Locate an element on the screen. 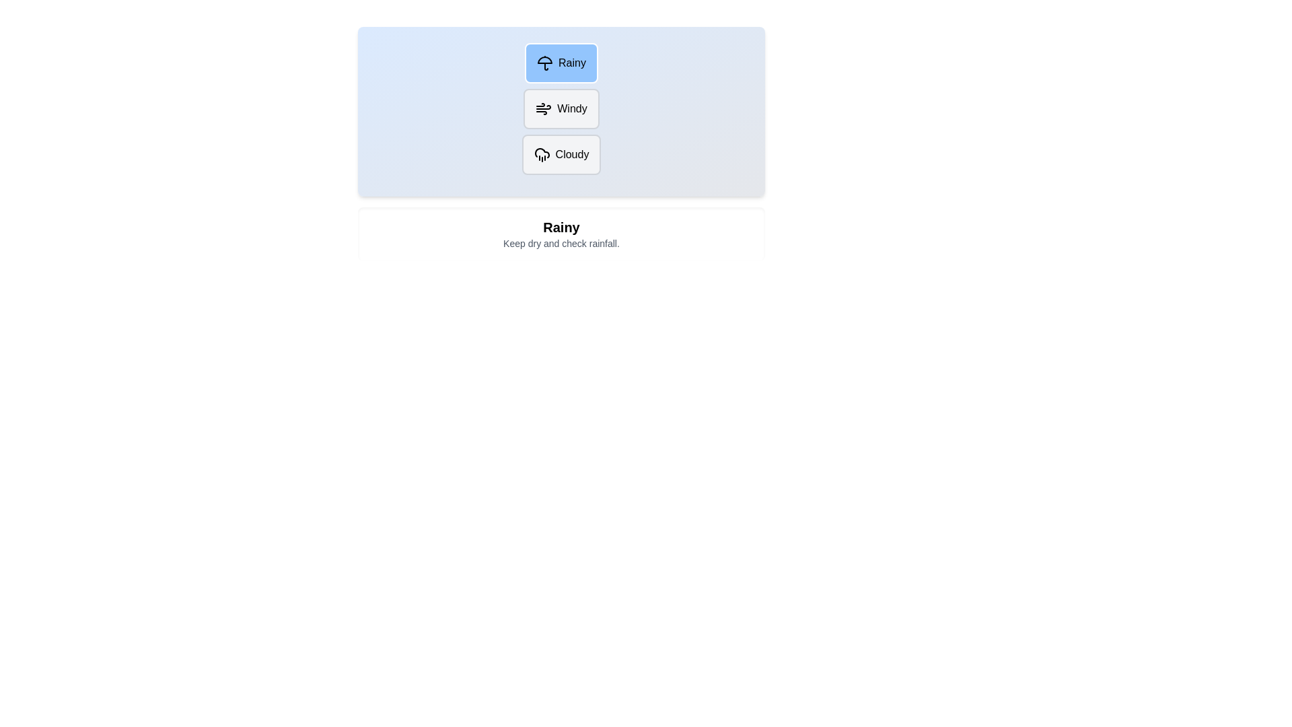 The height and width of the screenshot is (727, 1292). the Rainy tab by clicking on it is located at coordinates (561, 63).